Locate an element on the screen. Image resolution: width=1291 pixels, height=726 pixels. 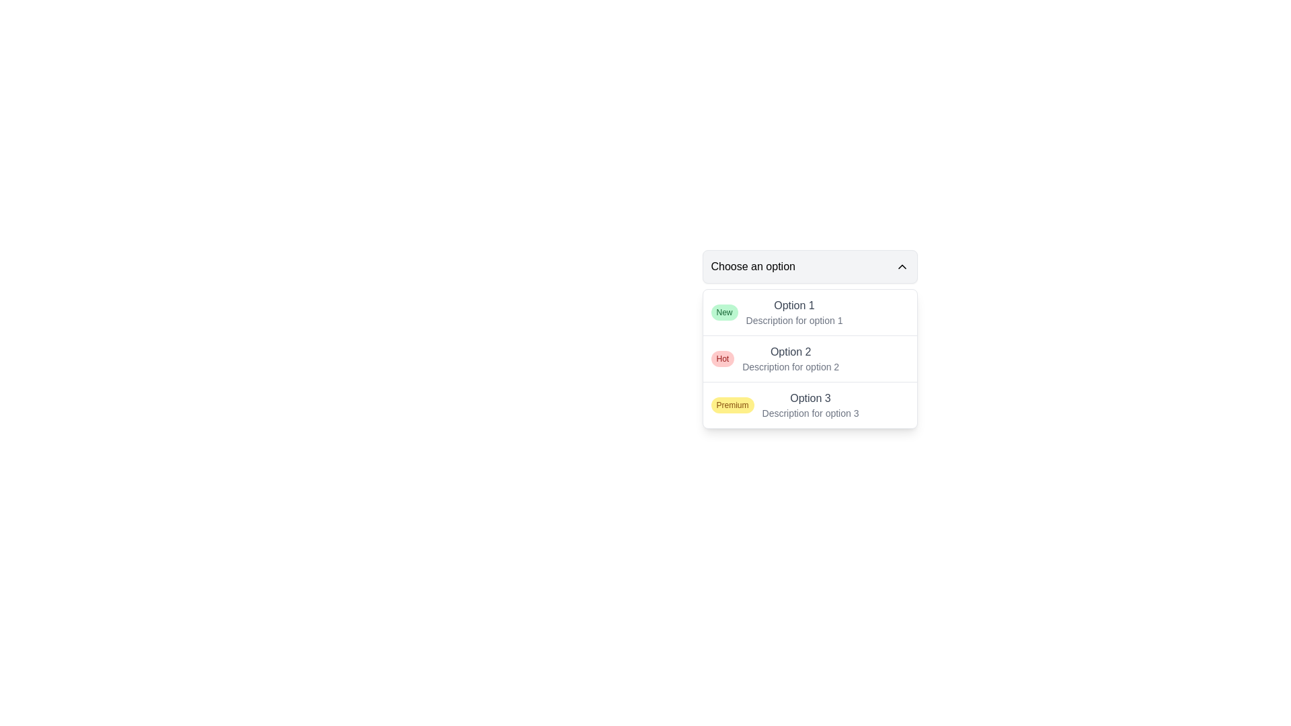
the List item labeled 'Option 2' with the description 'Description for option 2' is located at coordinates (791, 358).